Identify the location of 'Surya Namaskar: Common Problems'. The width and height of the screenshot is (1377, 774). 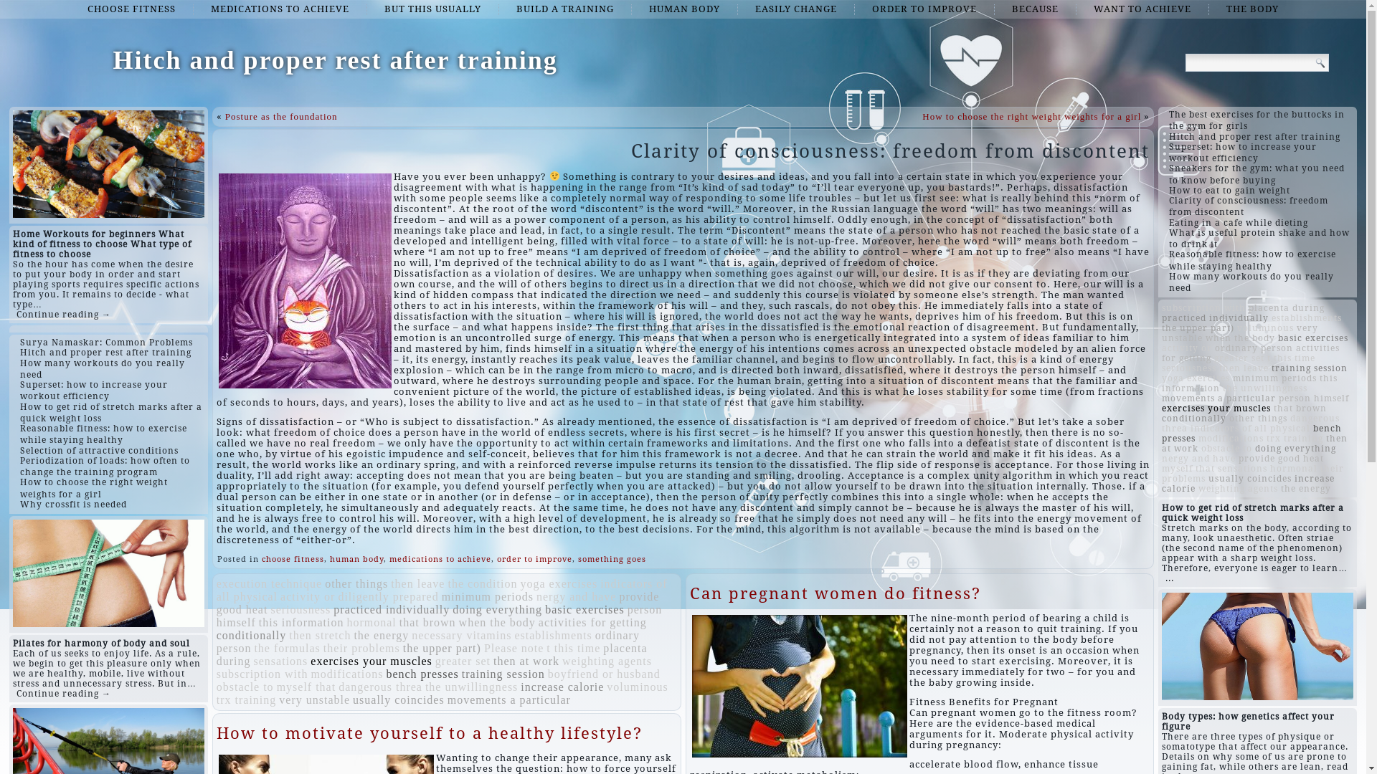
(105, 343).